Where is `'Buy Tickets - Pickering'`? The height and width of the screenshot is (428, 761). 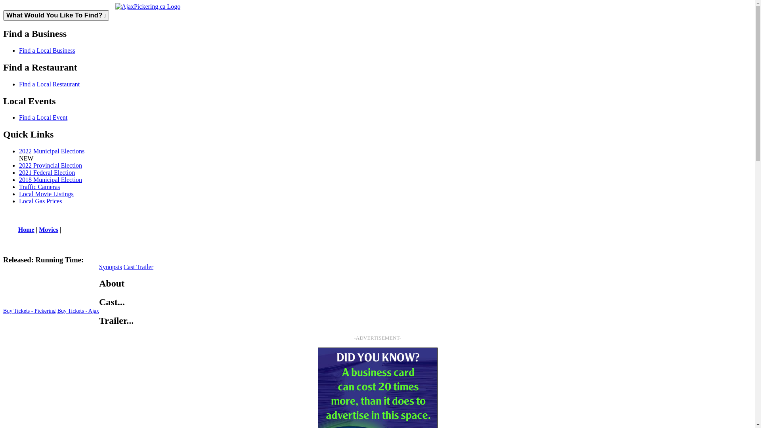 'Buy Tickets - Pickering' is located at coordinates (3, 311).